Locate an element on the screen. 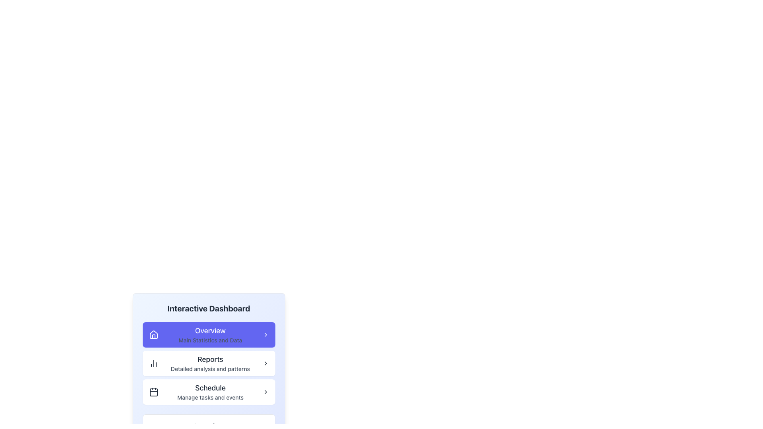 The height and width of the screenshot is (429, 763). the button labeled 'Overview' with a gradient background transitioning from blue to purple, containing a house icon and a right-aligned chevron icon is located at coordinates (209, 345).